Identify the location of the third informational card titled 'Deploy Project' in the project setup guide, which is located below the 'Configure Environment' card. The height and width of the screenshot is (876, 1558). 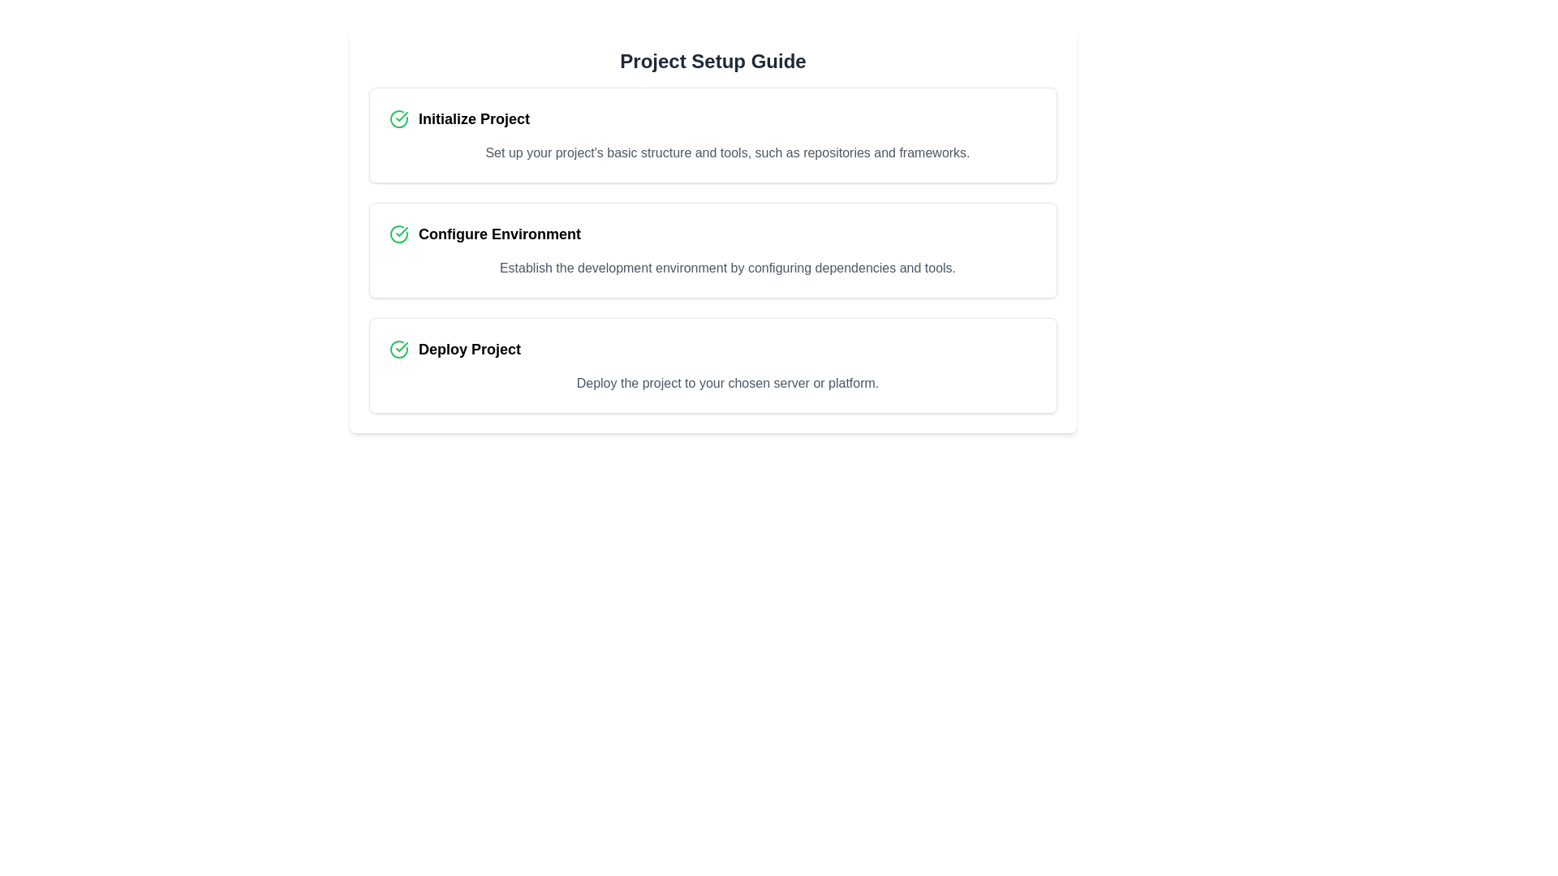
(712, 366).